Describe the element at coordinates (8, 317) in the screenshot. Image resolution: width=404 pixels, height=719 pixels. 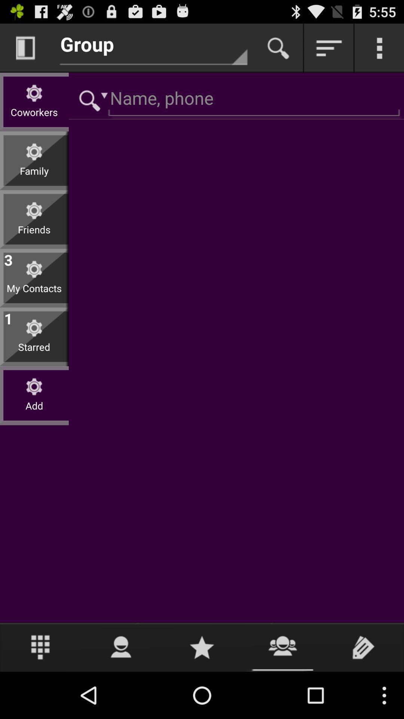
I see `the 1 item` at that location.